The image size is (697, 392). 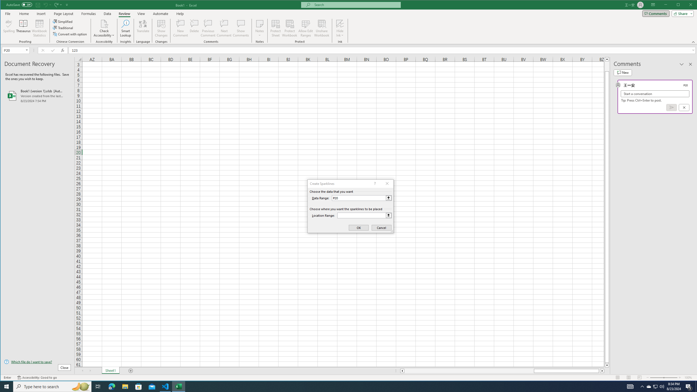 I want to click on 'Task Pane Options', so click(x=681, y=64).